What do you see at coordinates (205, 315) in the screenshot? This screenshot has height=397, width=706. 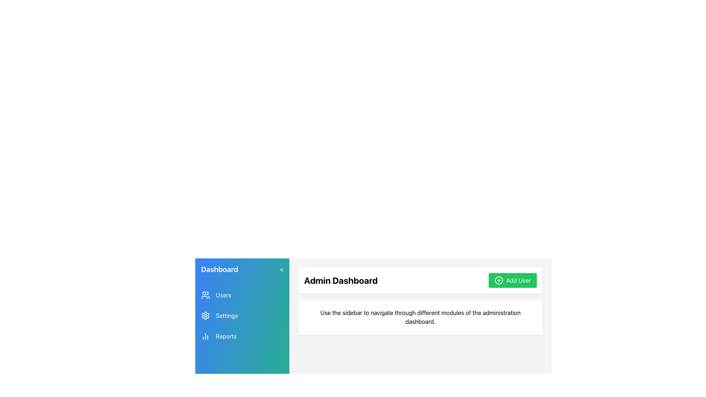 I see `the settings icon located in the second slot of the navigation menu on the left-hand sidebar` at bounding box center [205, 315].